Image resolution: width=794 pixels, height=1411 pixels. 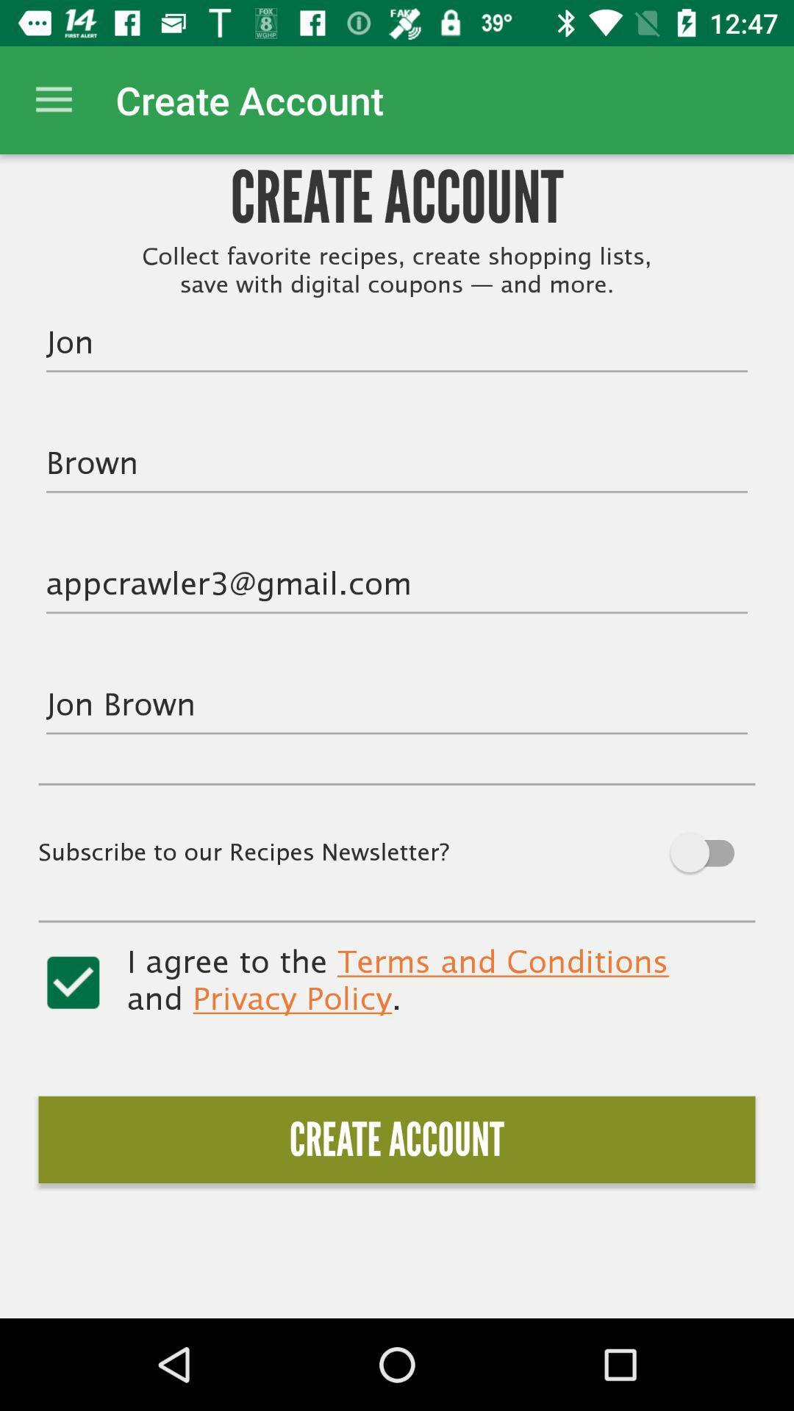 I want to click on off option, so click(x=678, y=852).